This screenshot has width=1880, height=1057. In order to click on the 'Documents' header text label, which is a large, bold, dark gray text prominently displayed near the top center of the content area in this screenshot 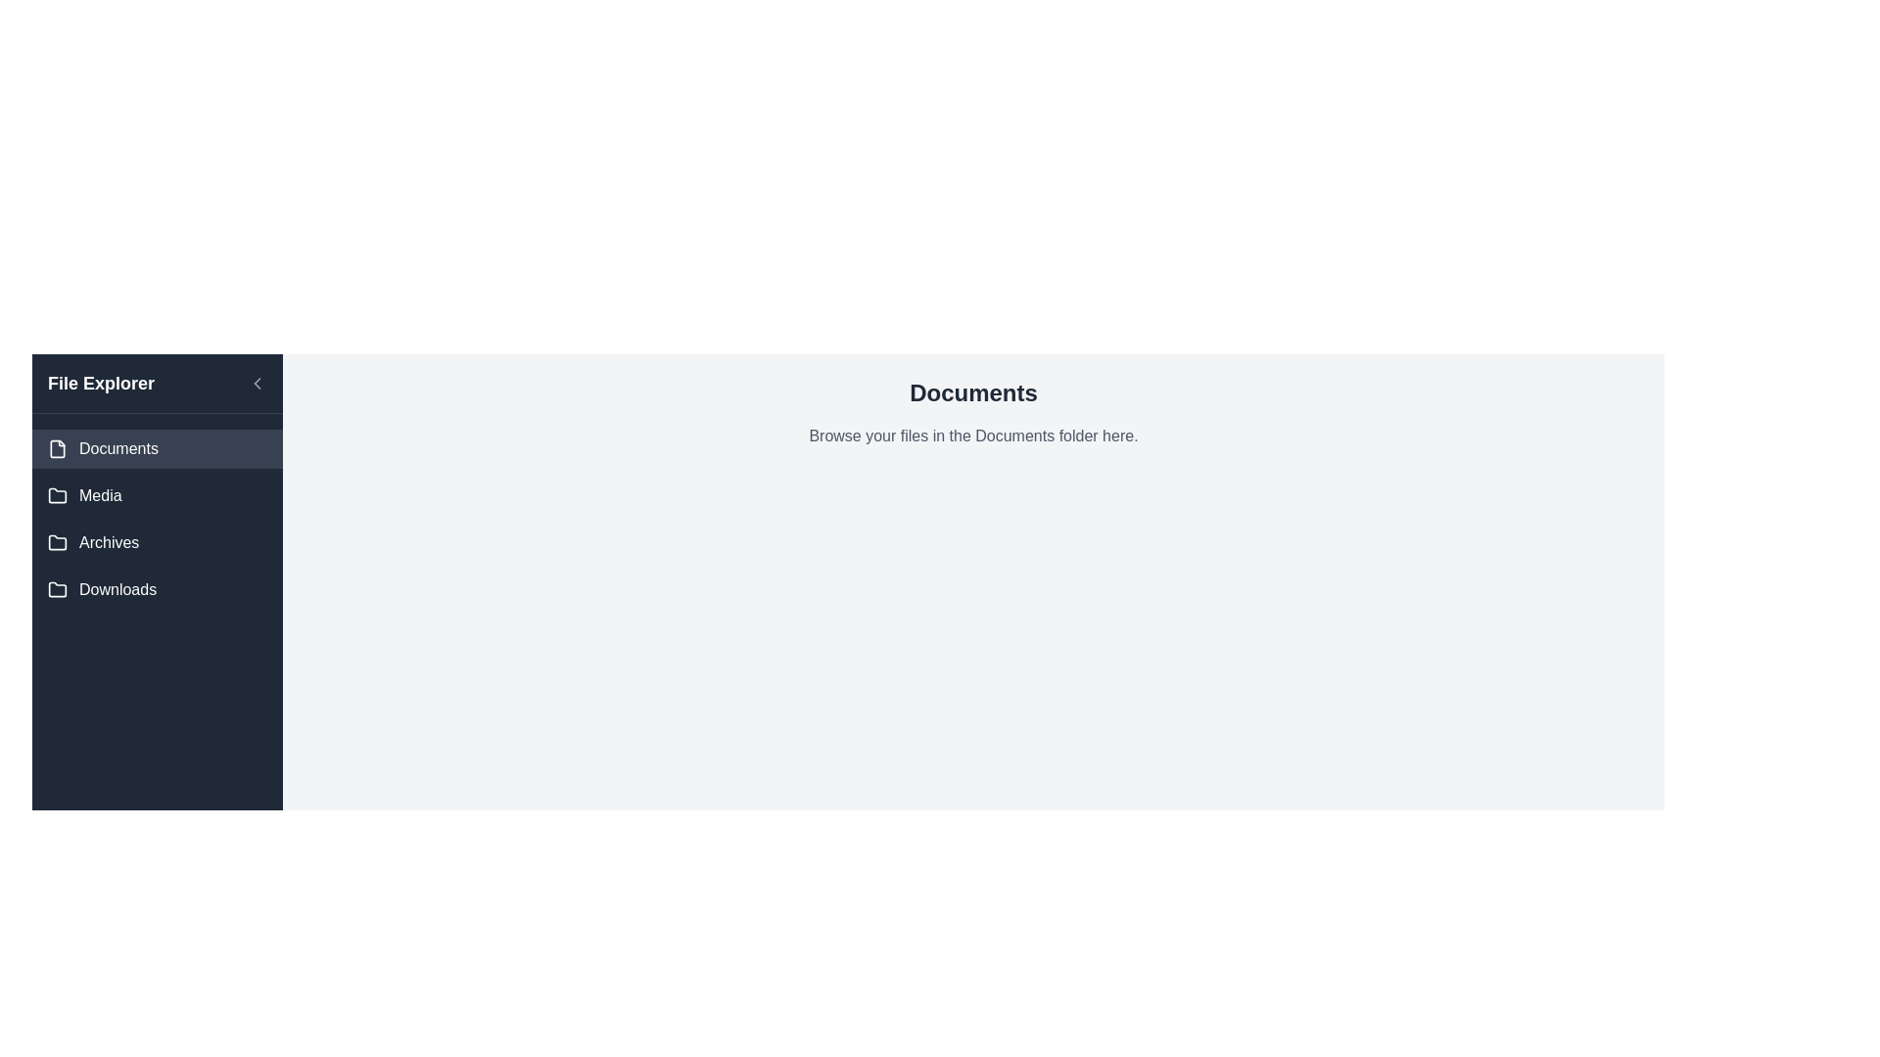, I will do `click(973, 392)`.